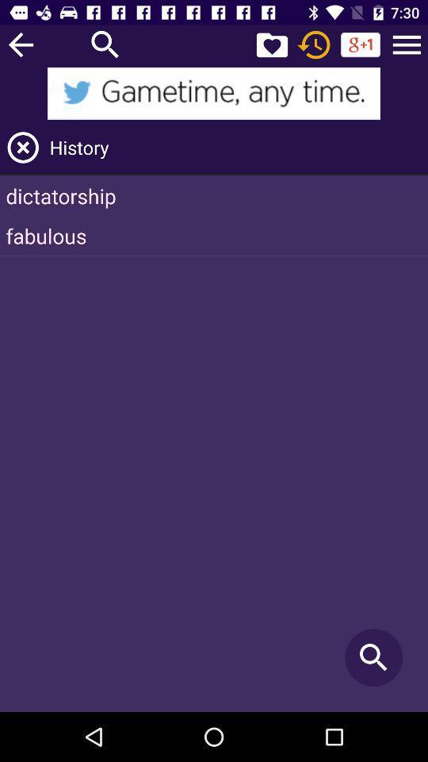 This screenshot has width=428, height=762. Describe the element at coordinates (214, 235) in the screenshot. I see `the item below the dictatorship item` at that location.